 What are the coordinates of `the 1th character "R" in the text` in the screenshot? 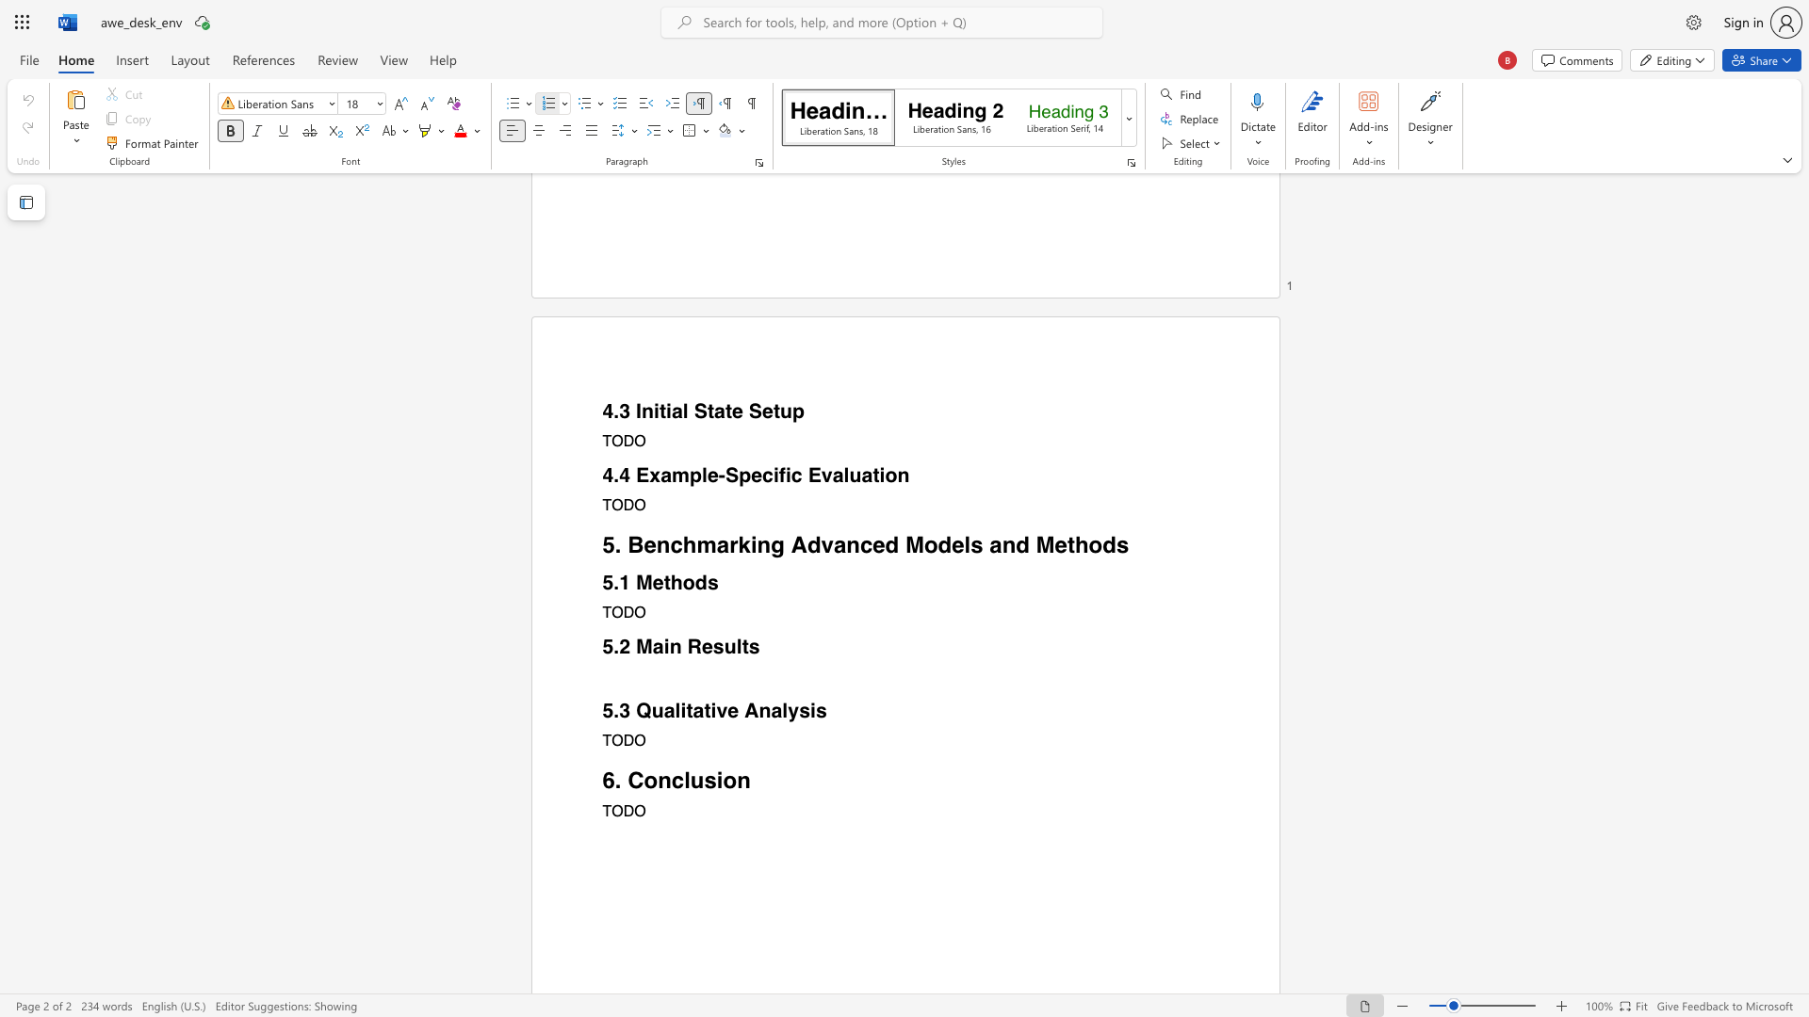 It's located at (693, 646).